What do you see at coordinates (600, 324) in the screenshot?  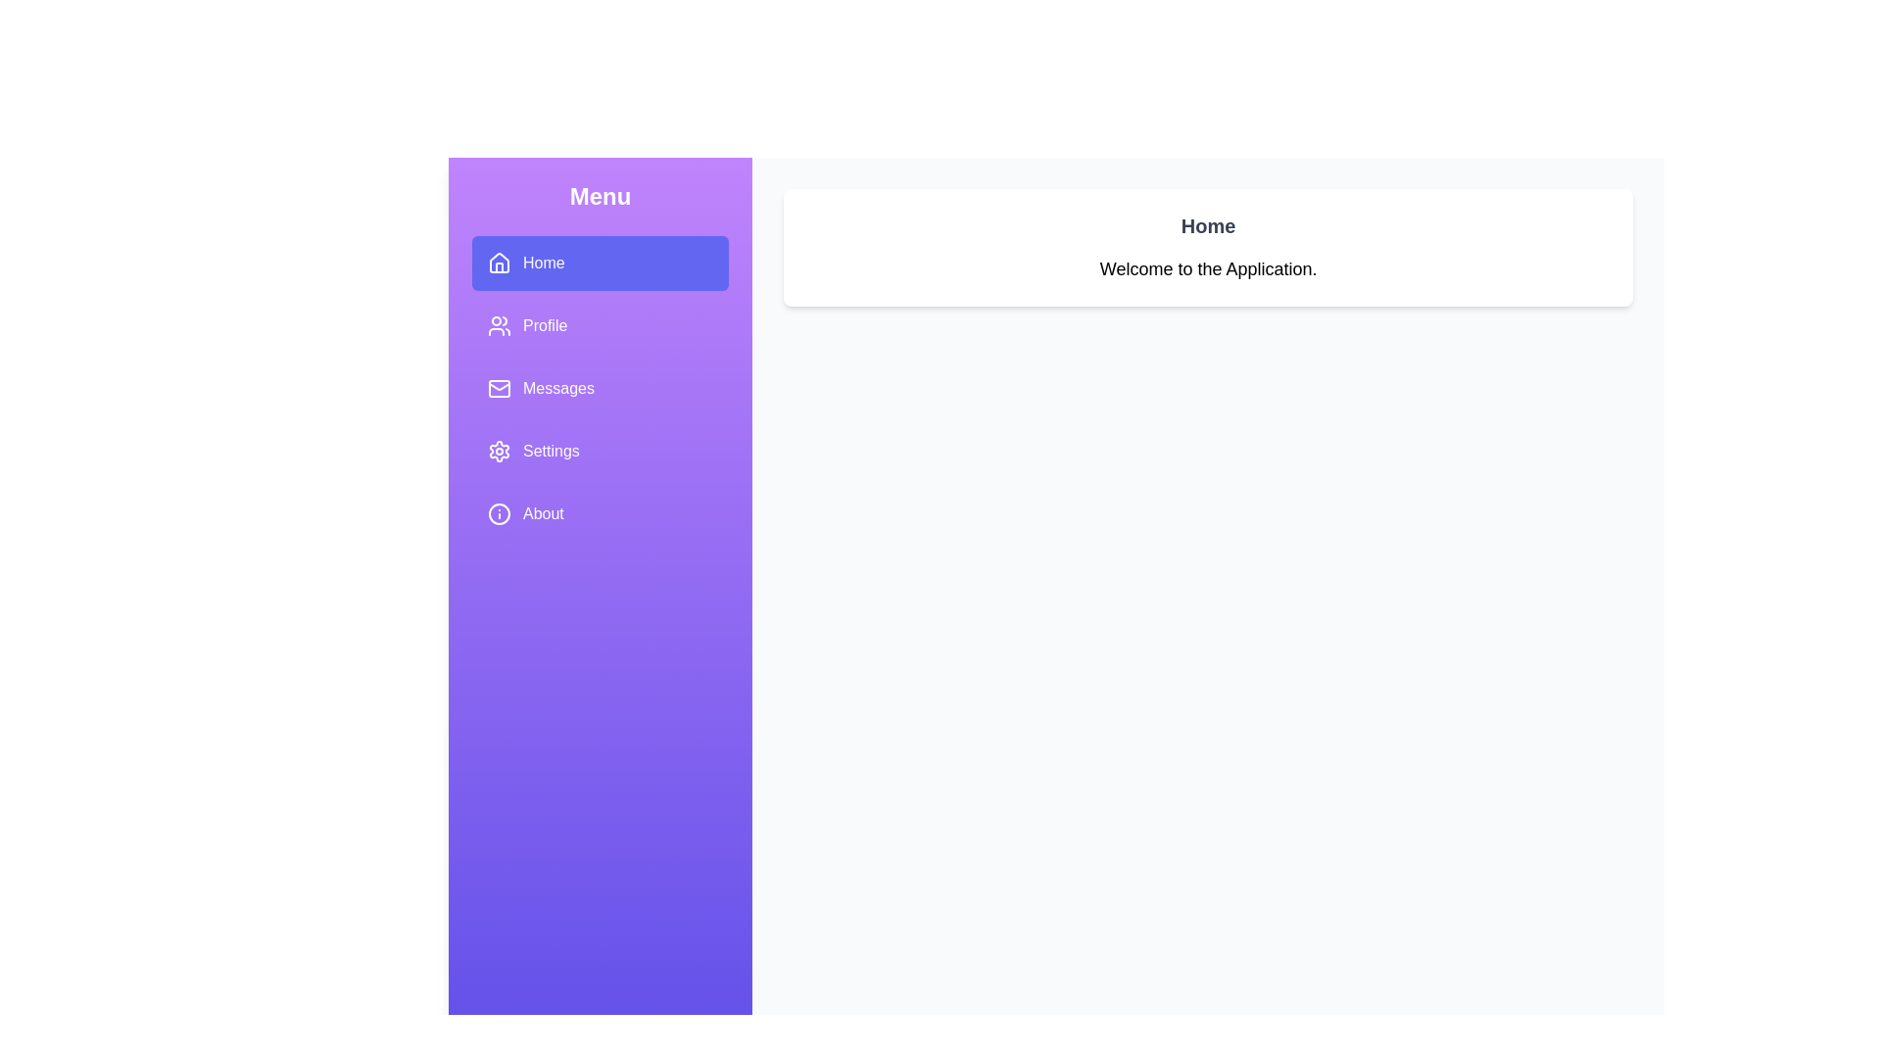 I see `the Navigation menu item located in the sidebar, directly beneath the 'Home' option and above the 'Messages' option` at bounding box center [600, 324].